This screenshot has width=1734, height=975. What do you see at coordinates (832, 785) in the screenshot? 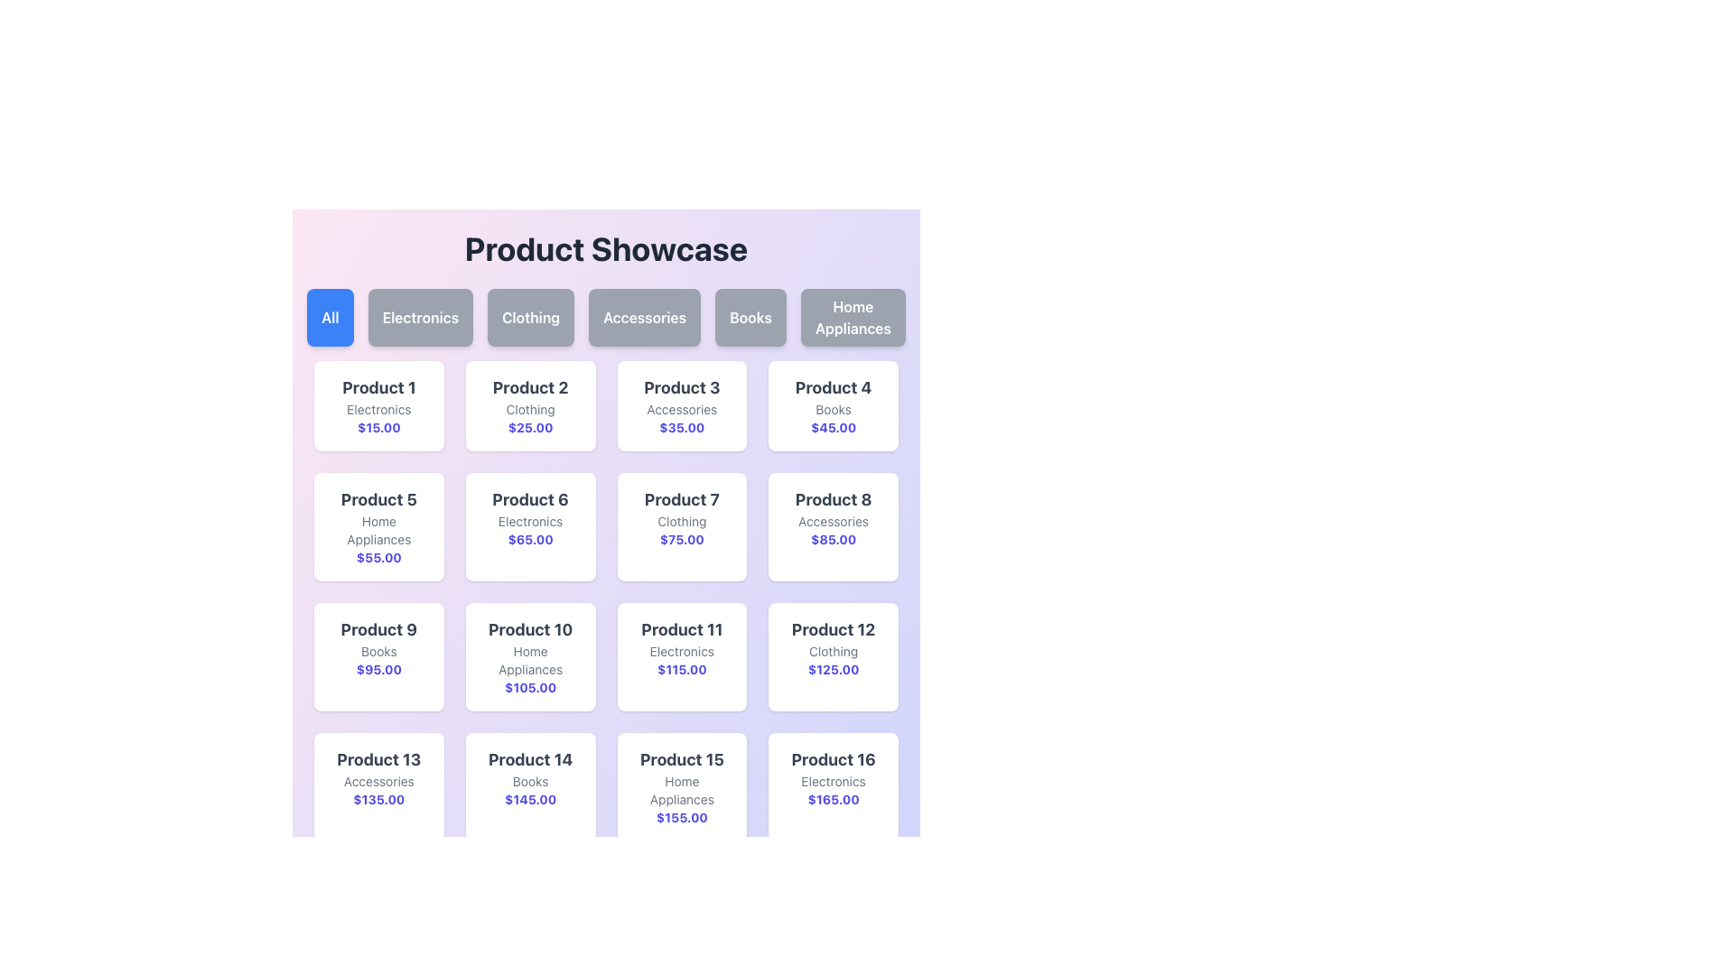
I see `the product card for 'Product 16' in the fourth column of the fourth row` at bounding box center [832, 785].